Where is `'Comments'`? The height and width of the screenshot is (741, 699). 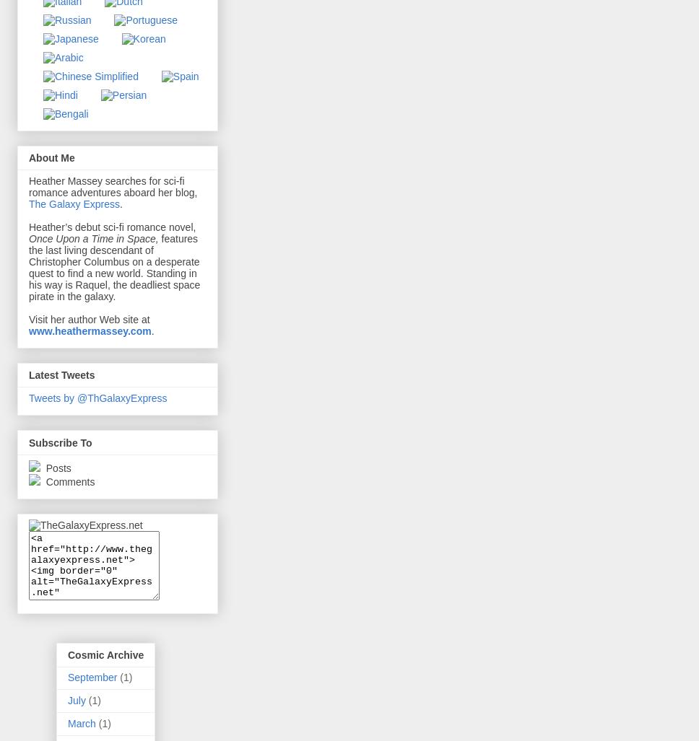
'Comments' is located at coordinates (68, 481).